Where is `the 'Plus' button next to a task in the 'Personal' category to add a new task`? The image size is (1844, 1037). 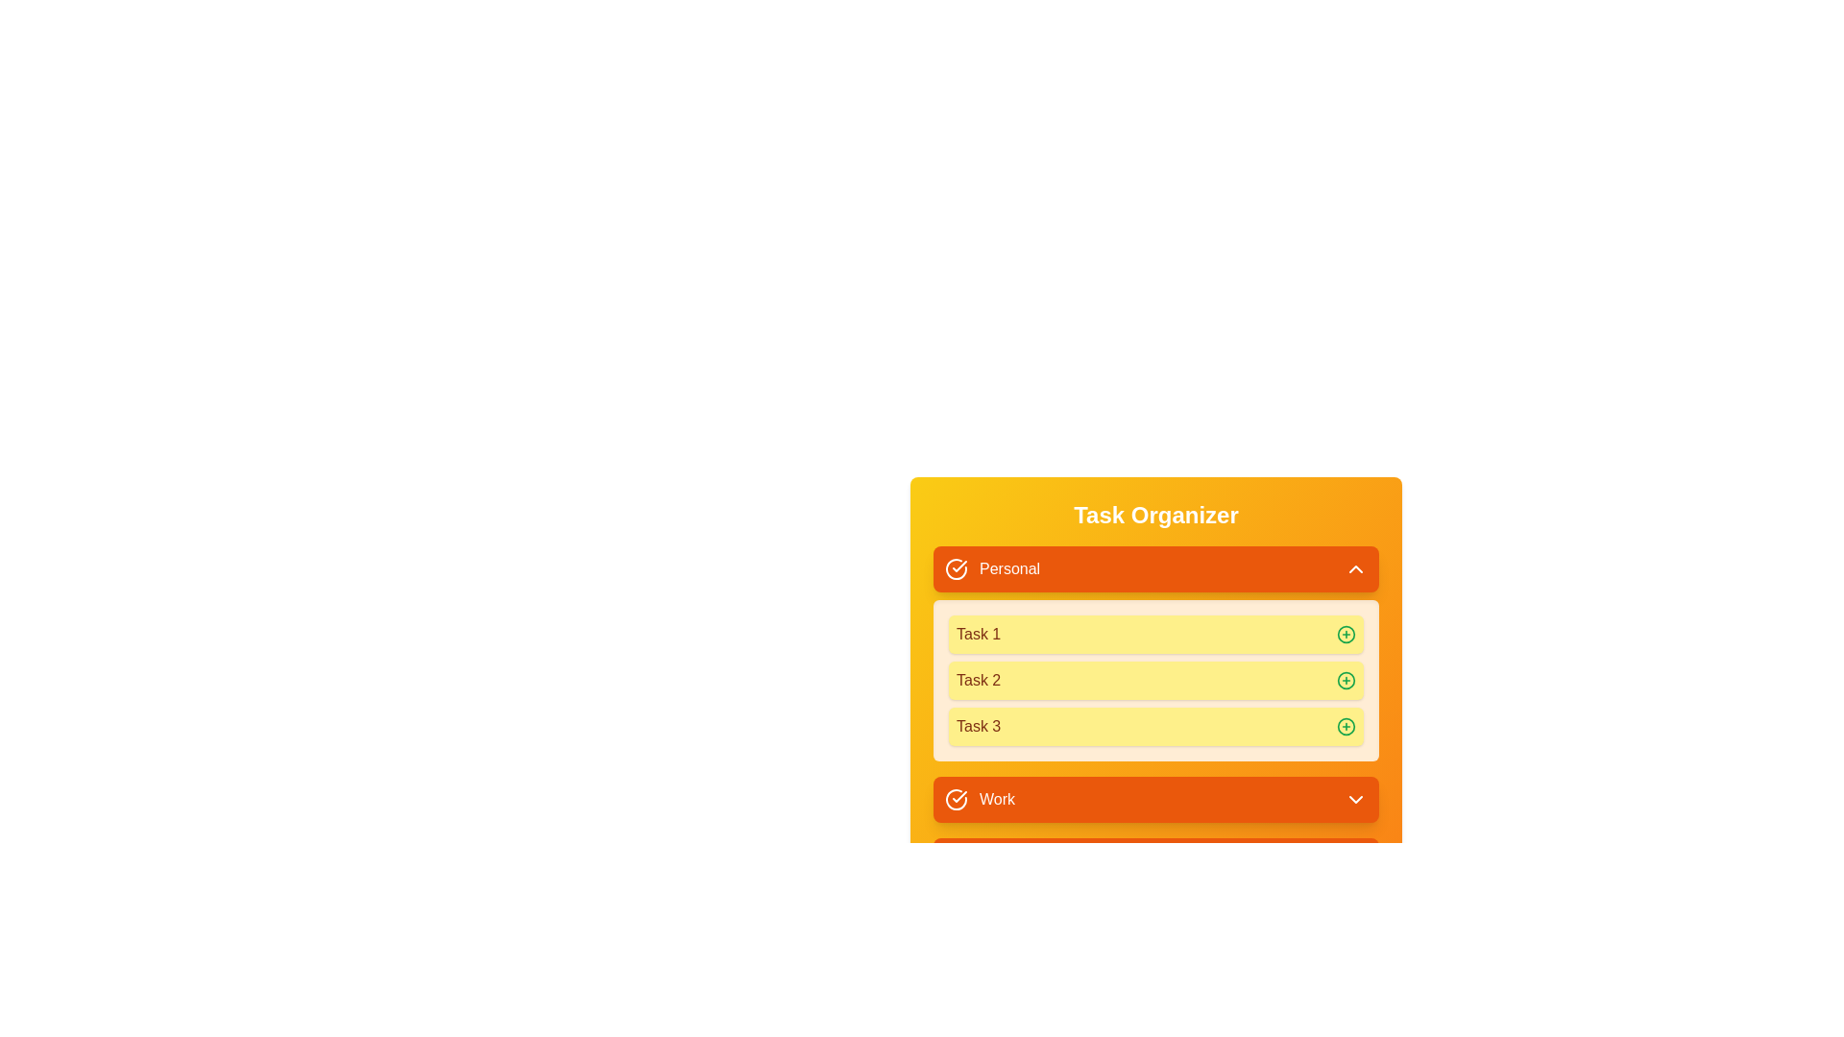
the 'Plus' button next to a task in the 'Personal' category to add a new task is located at coordinates (1345, 634).